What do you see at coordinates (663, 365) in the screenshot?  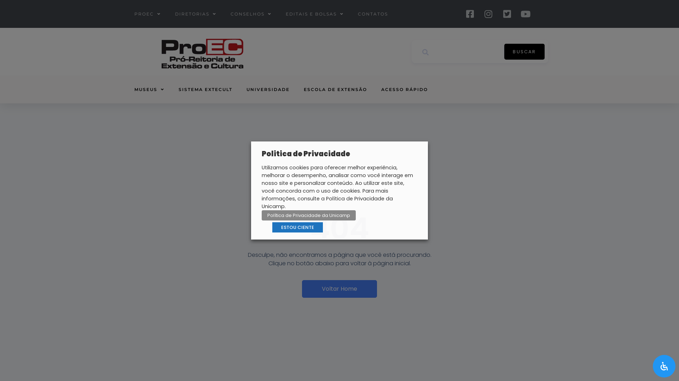 I see `'Acessibilidade'` at bounding box center [663, 365].